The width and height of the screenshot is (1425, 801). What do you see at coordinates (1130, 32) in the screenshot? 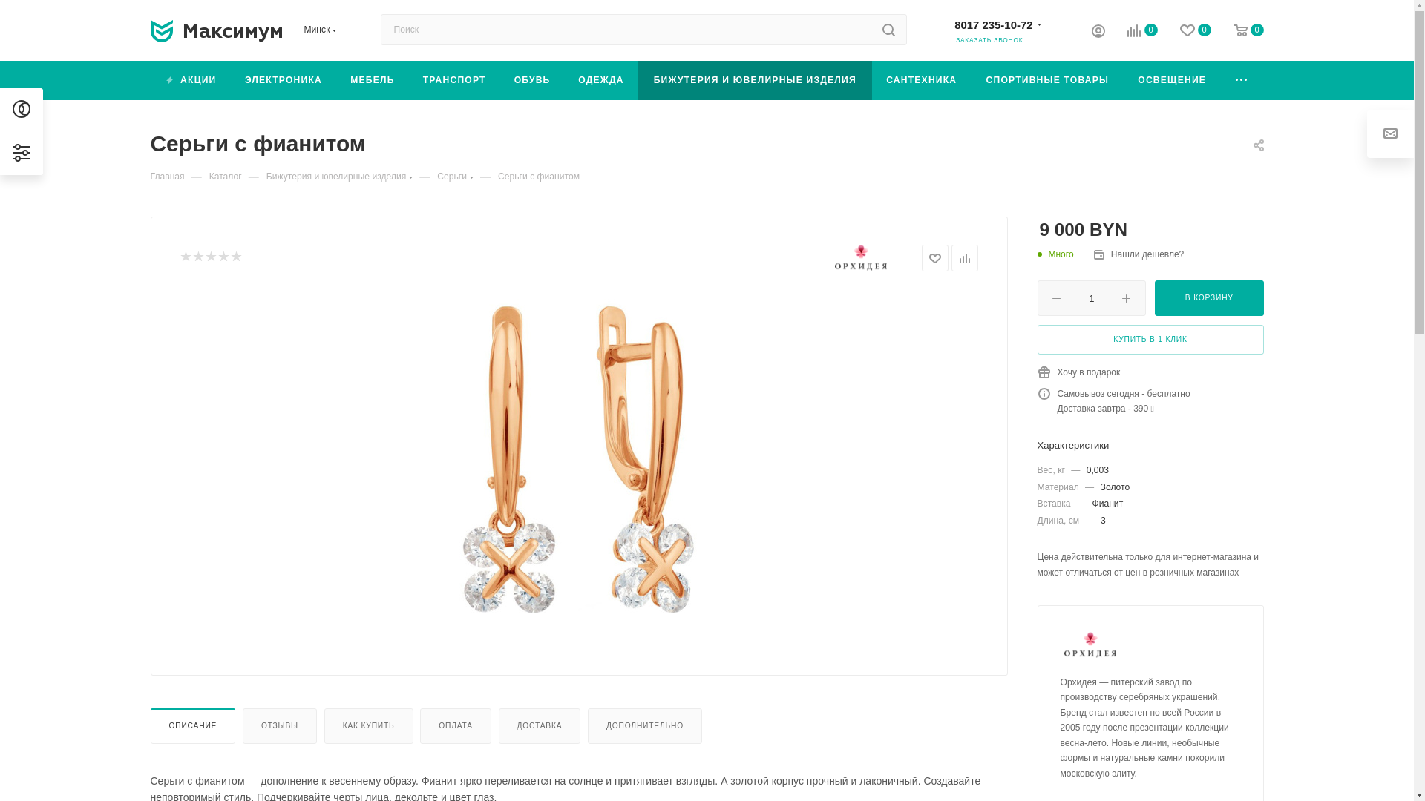
I see `'0'` at bounding box center [1130, 32].